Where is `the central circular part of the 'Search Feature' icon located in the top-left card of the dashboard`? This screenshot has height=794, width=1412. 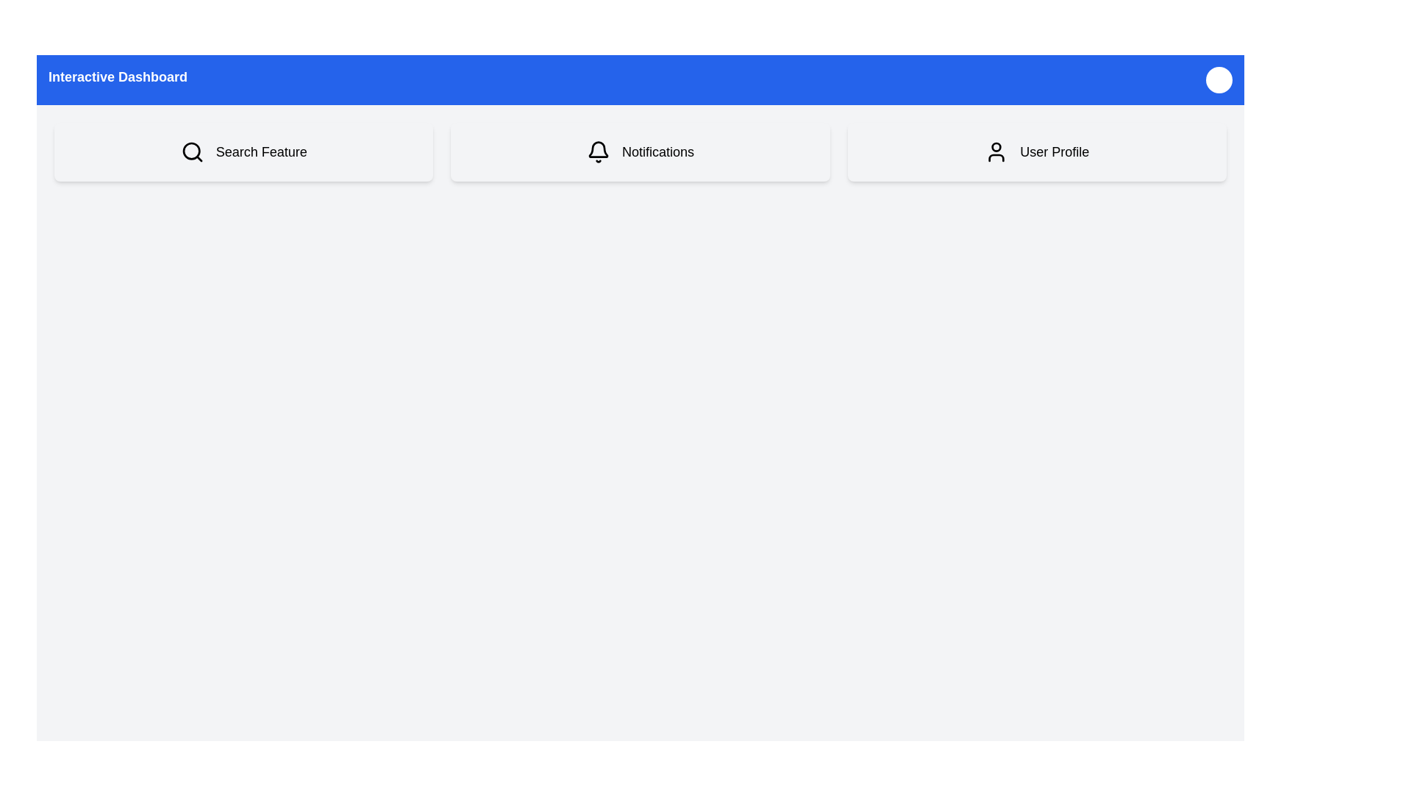
the central circular part of the 'Search Feature' icon located in the top-left card of the dashboard is located at coordinates (190, 151).